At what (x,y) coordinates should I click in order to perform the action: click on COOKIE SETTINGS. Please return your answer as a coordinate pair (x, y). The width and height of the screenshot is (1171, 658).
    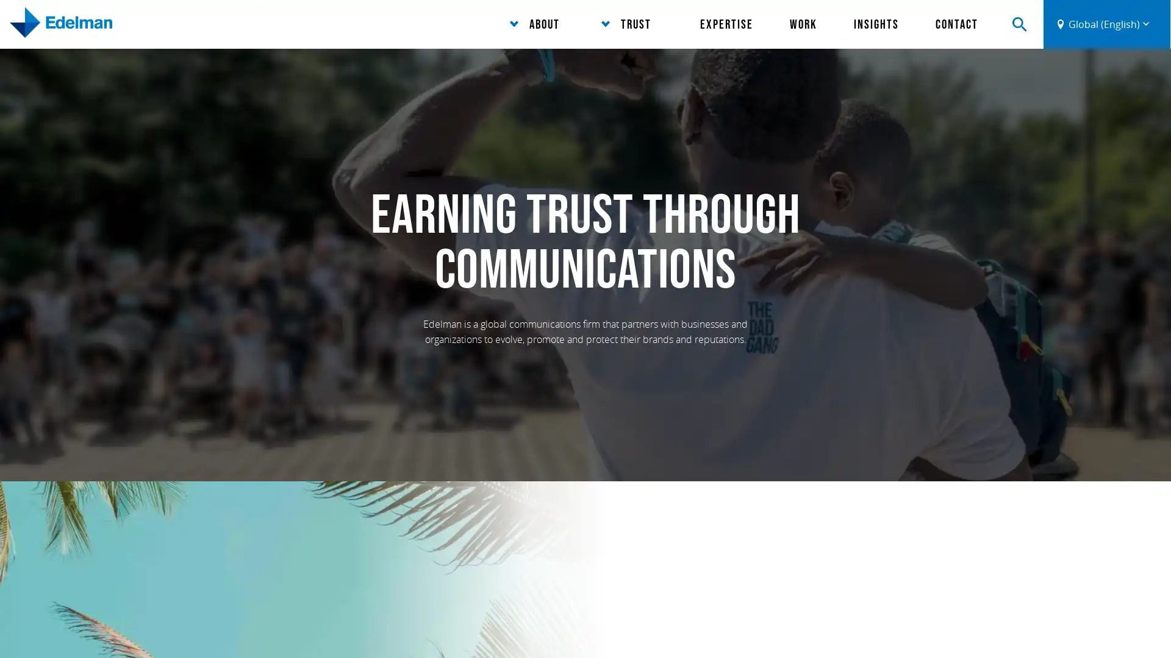
    Looking at the image, I should click on (1095, 628).